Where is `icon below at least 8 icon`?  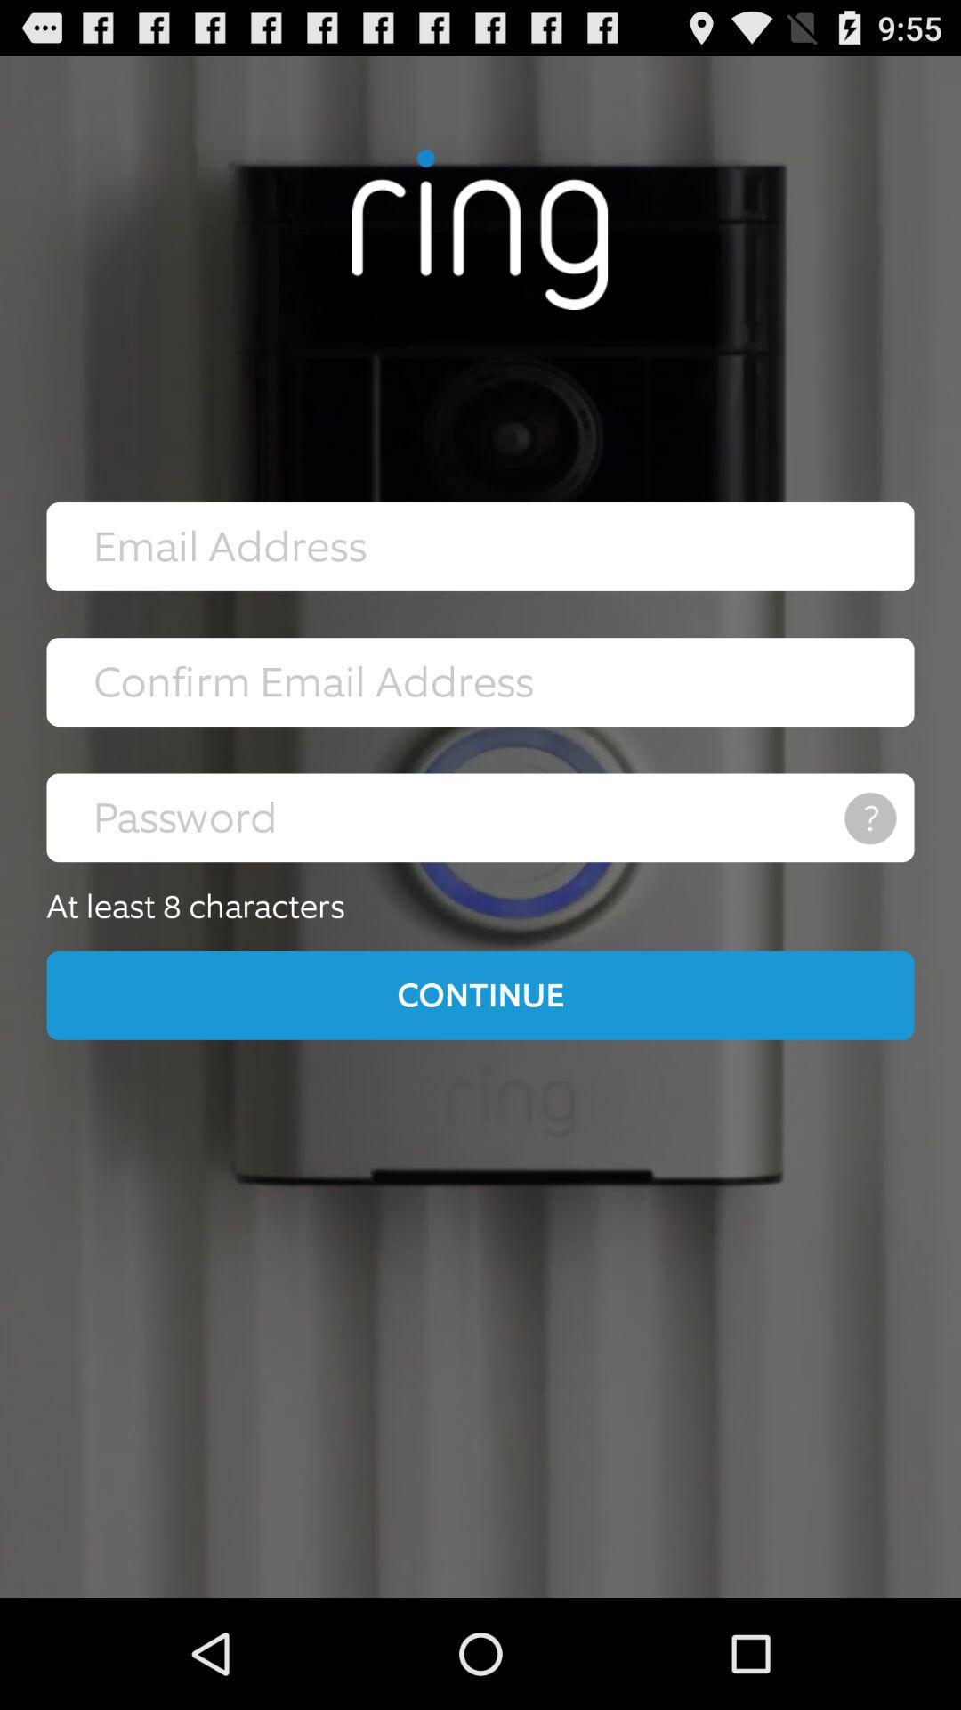
icon below at least 8 icon is located at coordinates (480, 994).